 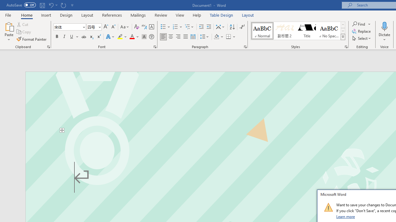 I want to click on 'Repeat Text Fill Effect', so click(x=63, y=5).